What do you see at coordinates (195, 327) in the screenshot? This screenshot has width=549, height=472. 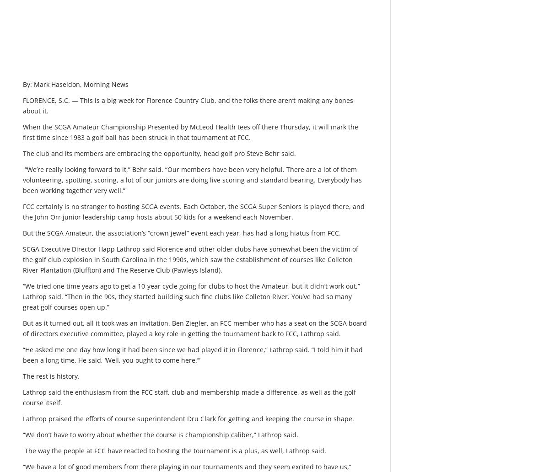 I see `'But as it turned out, all it took was an invitation. Ben Ziegler, an FCC member who has a seat on the SCGA board of directors executive committee, played a key role in getting the tournament back to FCC, Lathrop said.'` at bounding box center [195, 327].